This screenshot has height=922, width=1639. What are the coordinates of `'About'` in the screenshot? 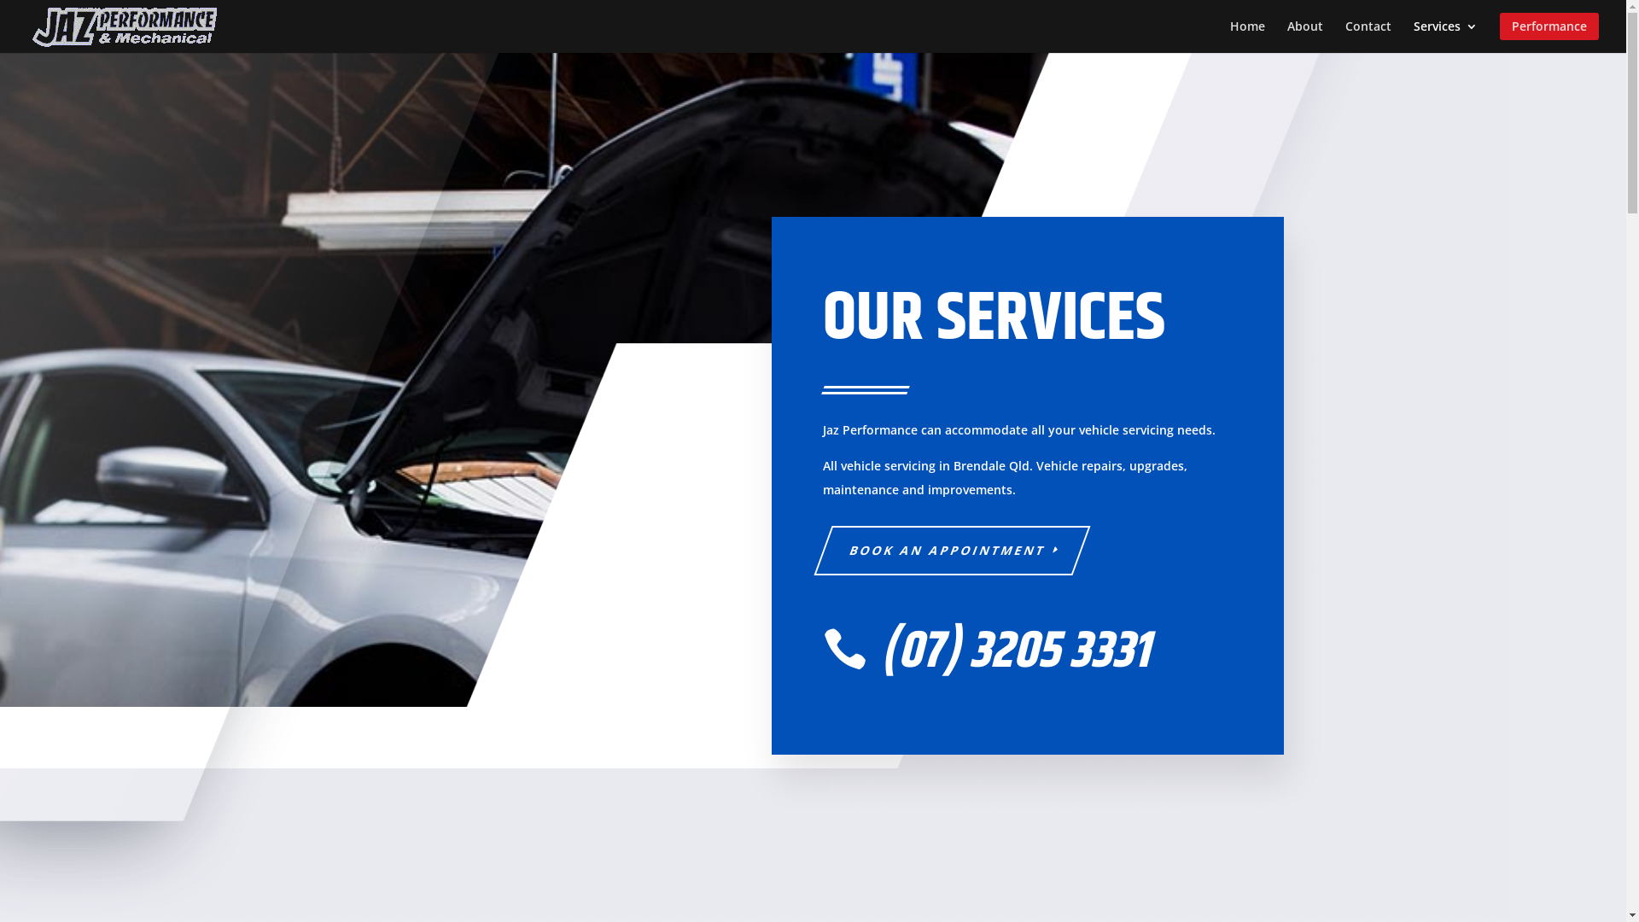 It's located at (1304, 32).